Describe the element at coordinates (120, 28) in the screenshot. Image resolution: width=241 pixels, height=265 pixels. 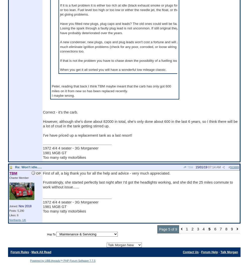
I see `'Have you fitted new plugs, plug caps and leads? The old ones could well be faulty. Losing the spark through a faulty plug lead is not uncommon. If still original they have probably deteriorated over the years.'` at that location.